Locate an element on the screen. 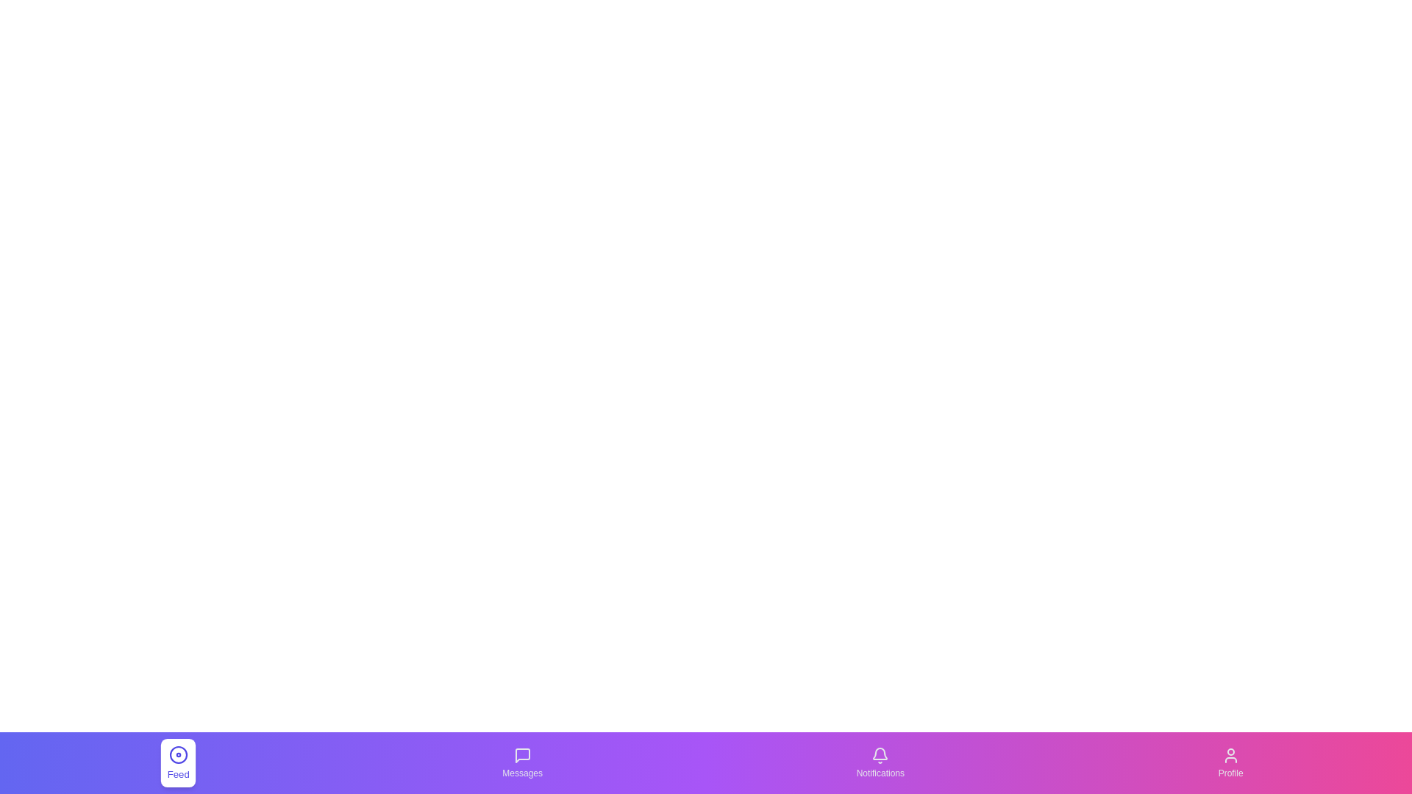 This screenshot has height=794, width=1412. the Notifications tab to observe its visual feedback is located at coordinates (880, 762).